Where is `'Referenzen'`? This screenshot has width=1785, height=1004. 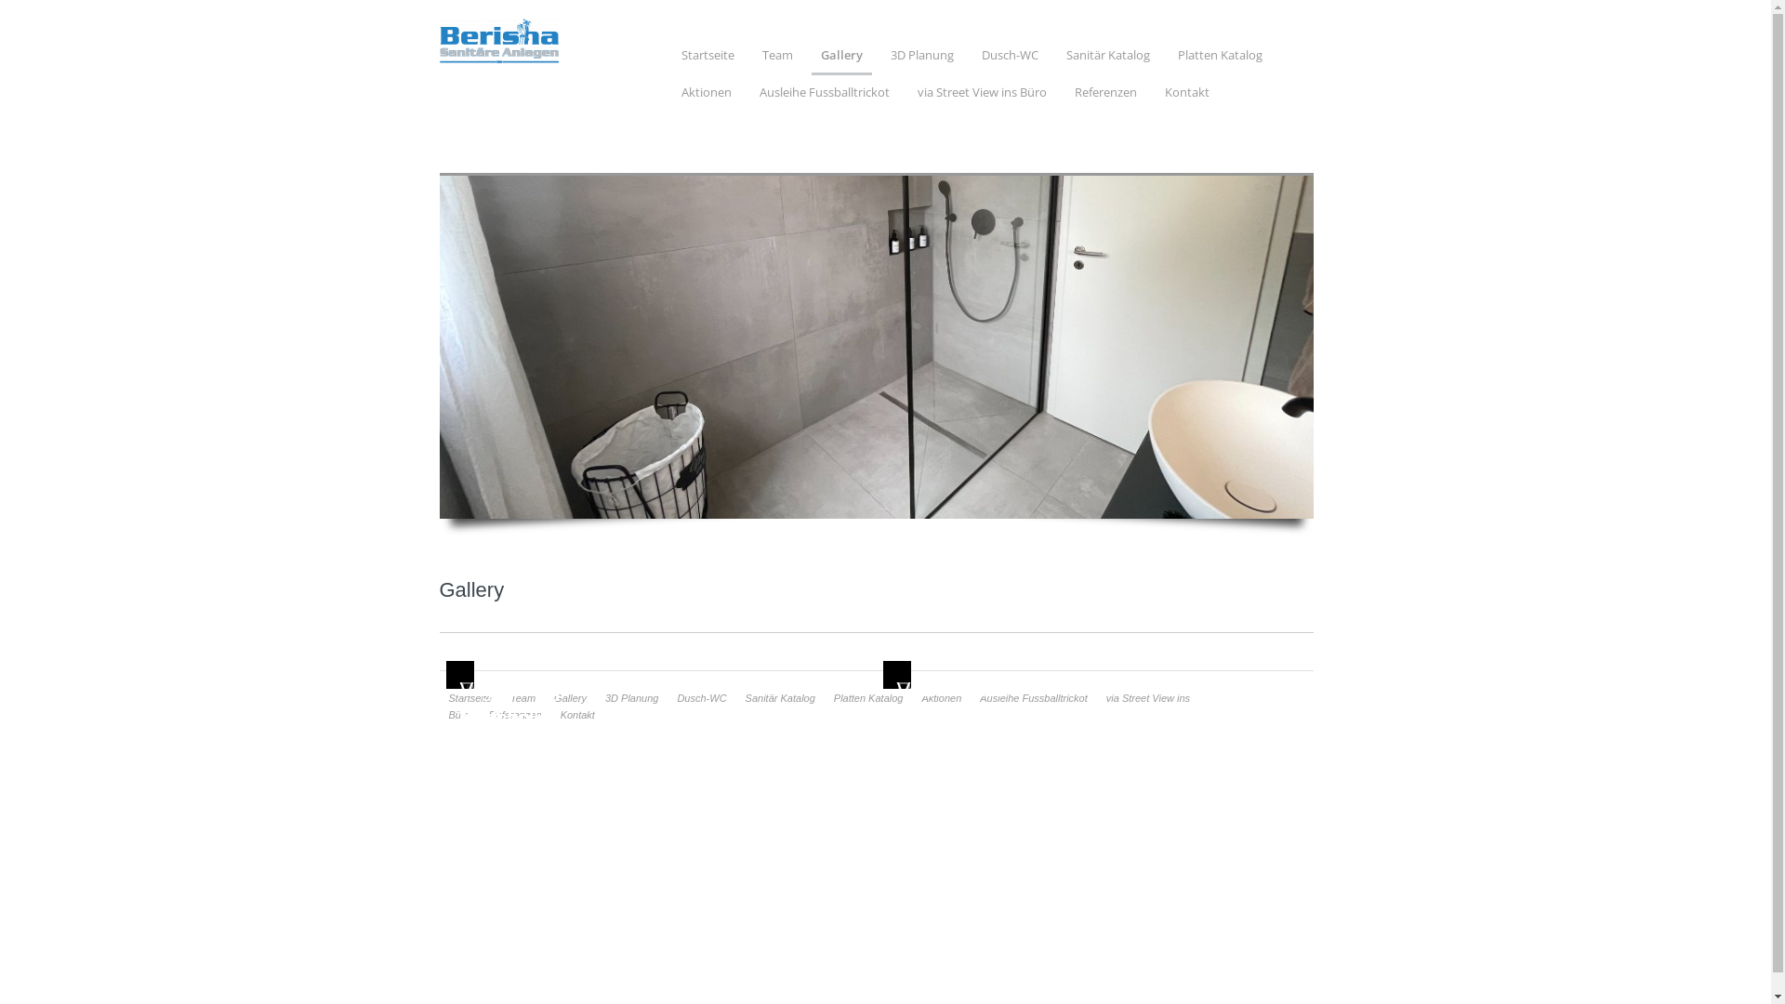
'Referenzen' is located at coordinates (1065, 97).